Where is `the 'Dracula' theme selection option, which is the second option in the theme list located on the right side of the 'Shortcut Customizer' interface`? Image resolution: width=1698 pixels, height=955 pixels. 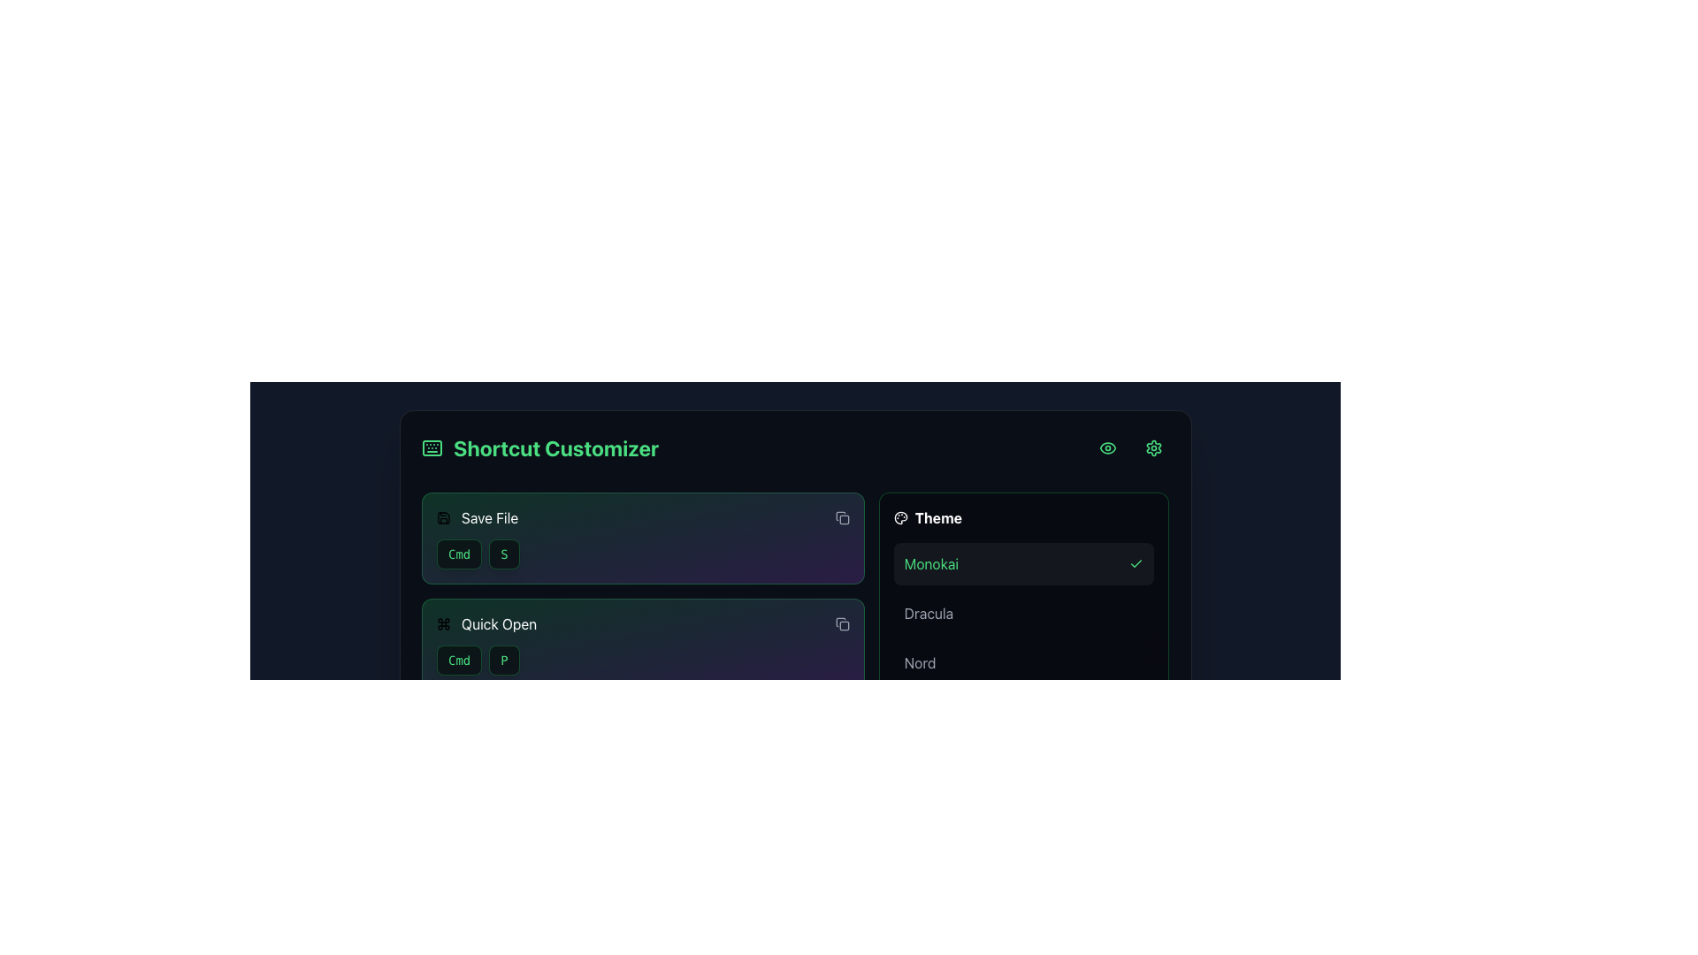 the 'Dracula' theme selection option, which is the second option in the theme list located on the right side of the 'Shortcut Customizer' interface is located at coordinates (1024, 613).